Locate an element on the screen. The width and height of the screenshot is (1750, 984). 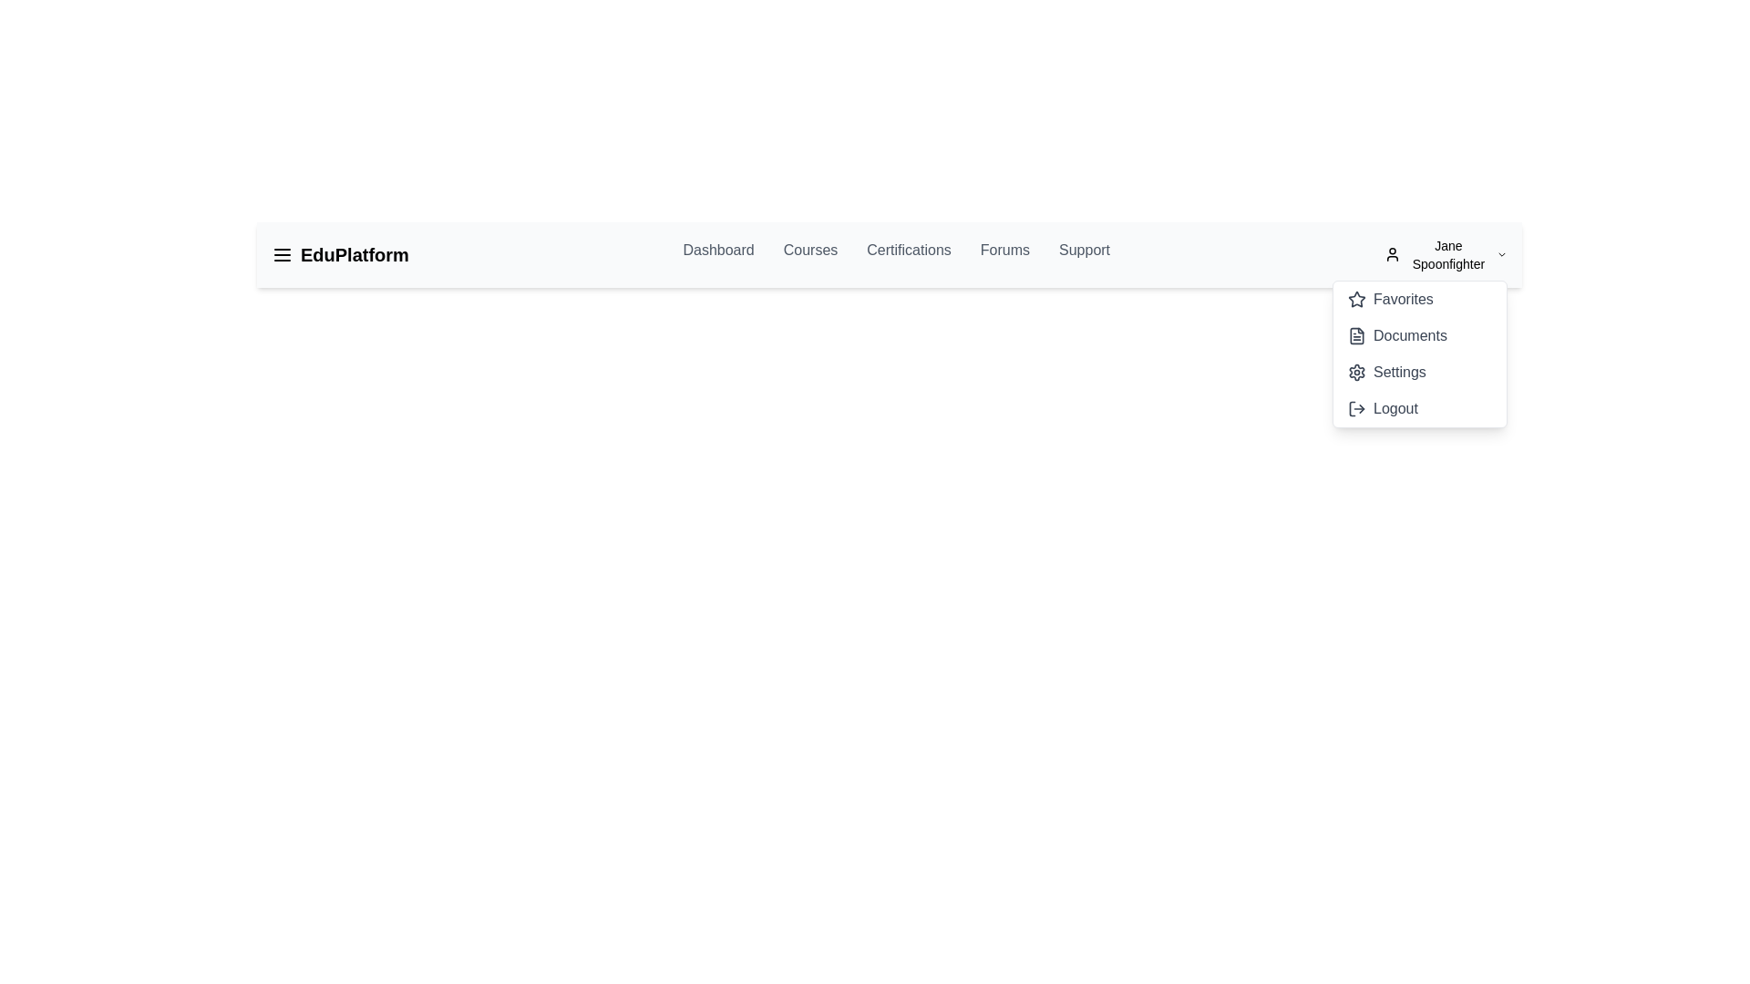
the static text label displaying the currently signed-in user's name, located in the top-right corner of the interface, between the user icon and the downward-facing chevron icon is located at coordinates (1447, 255).